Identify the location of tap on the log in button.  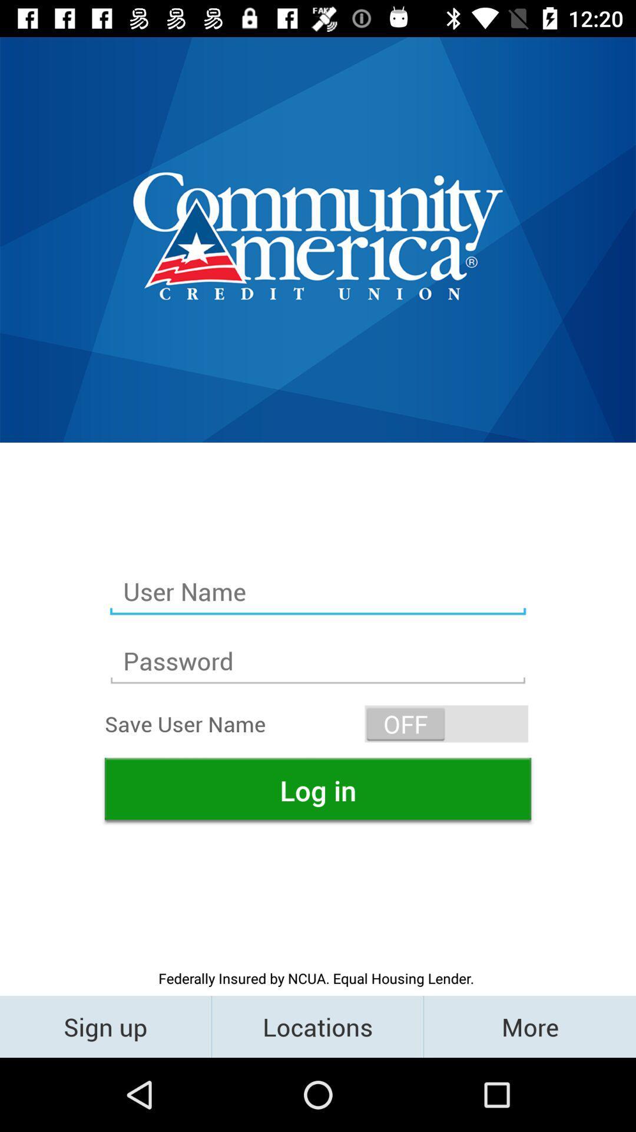
(318, 790).